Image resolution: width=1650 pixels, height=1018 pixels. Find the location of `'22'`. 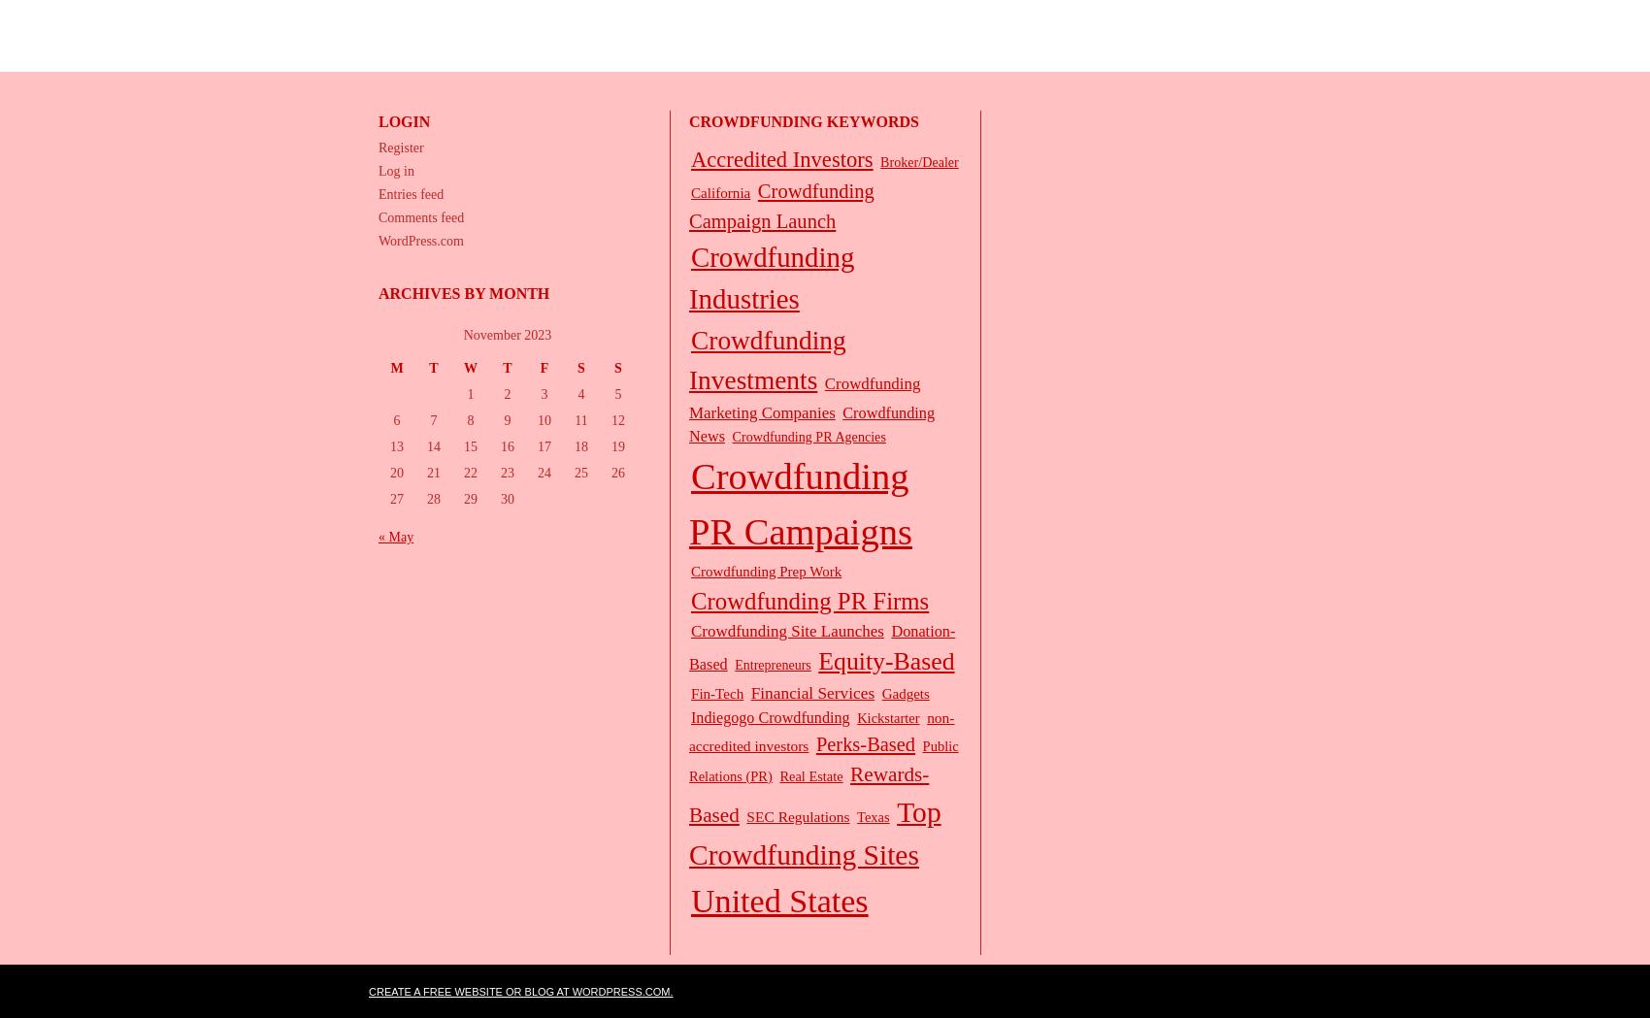

'22' is located at coordinates (471, 472).